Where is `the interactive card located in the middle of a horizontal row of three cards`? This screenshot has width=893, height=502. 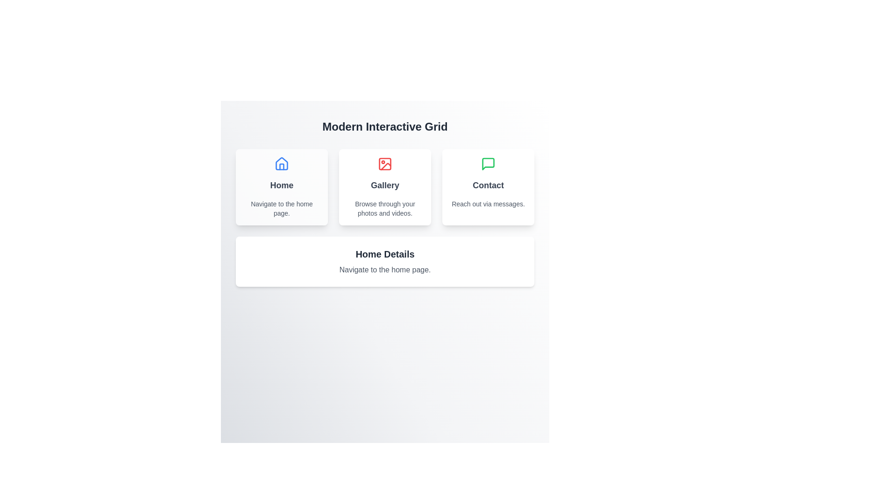
the interactive card located in the middle of a horizontal row of three cards is located at coordinates (385, 187).